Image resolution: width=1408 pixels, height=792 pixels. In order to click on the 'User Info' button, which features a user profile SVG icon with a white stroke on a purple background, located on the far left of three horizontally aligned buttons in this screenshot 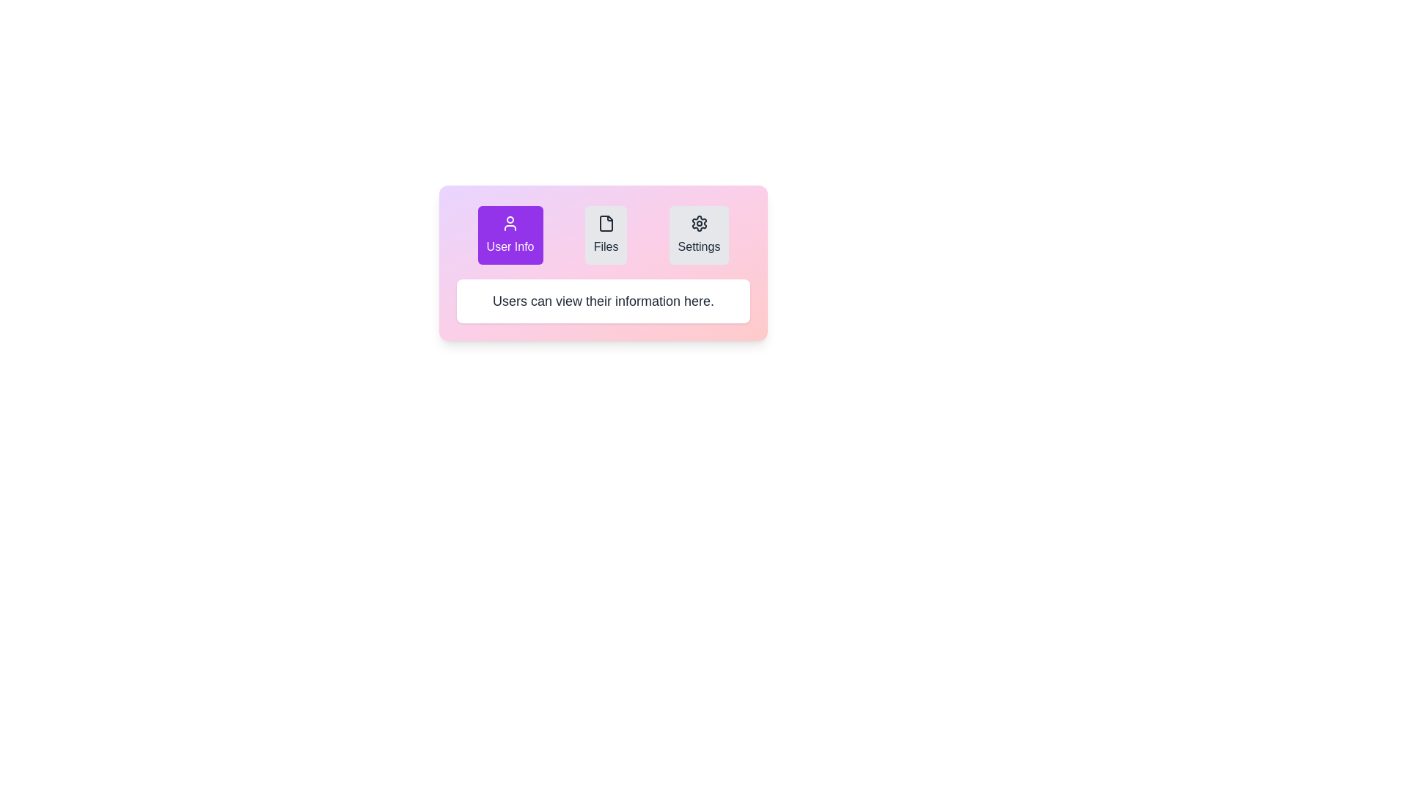, I will do `click(510, 223)`.